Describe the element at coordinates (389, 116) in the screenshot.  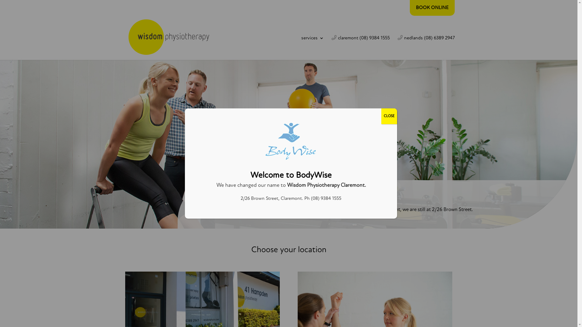
I see `'CLOSE'` at that location.